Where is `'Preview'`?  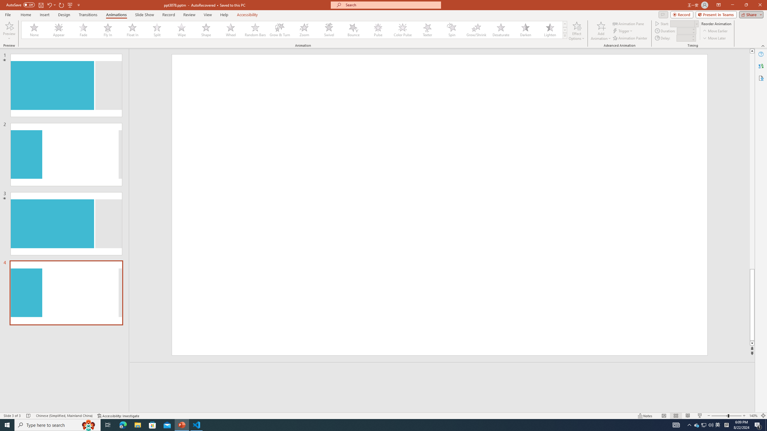
'Preview' is located at coordinates (9, 25).